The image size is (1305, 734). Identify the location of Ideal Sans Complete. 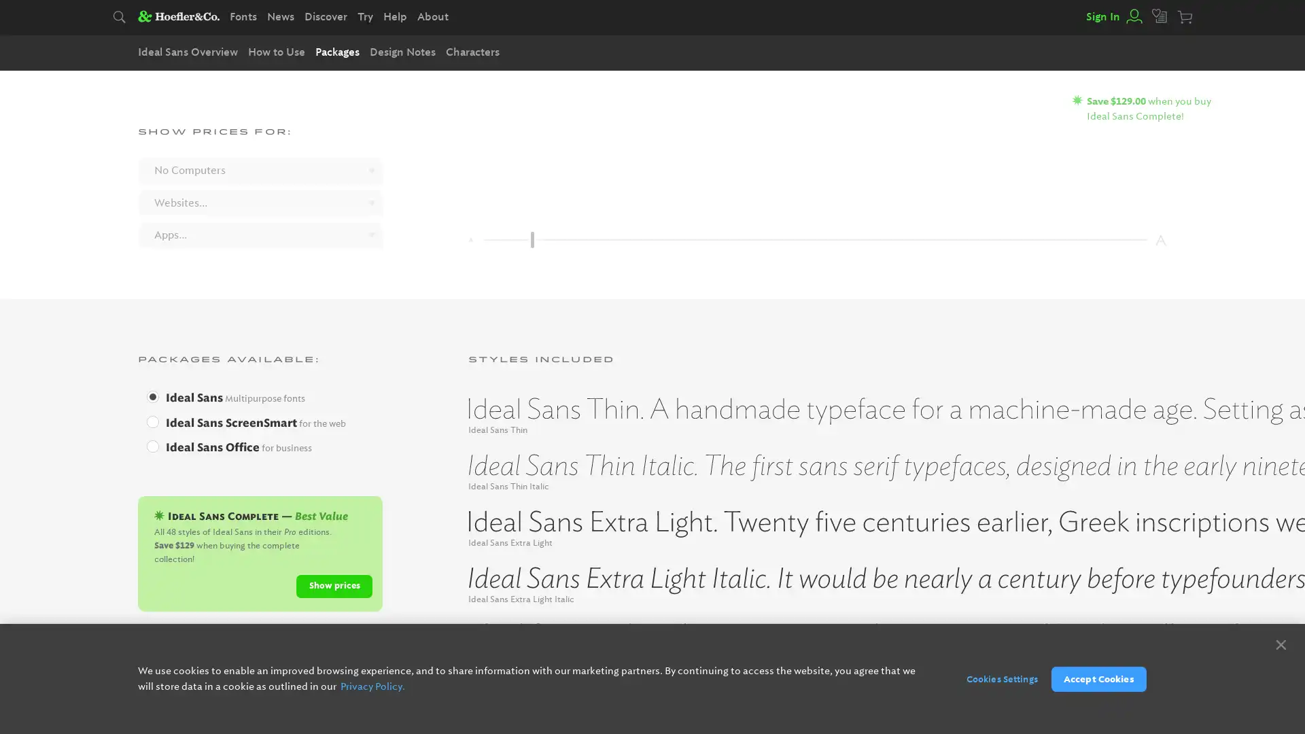
(159, 515).